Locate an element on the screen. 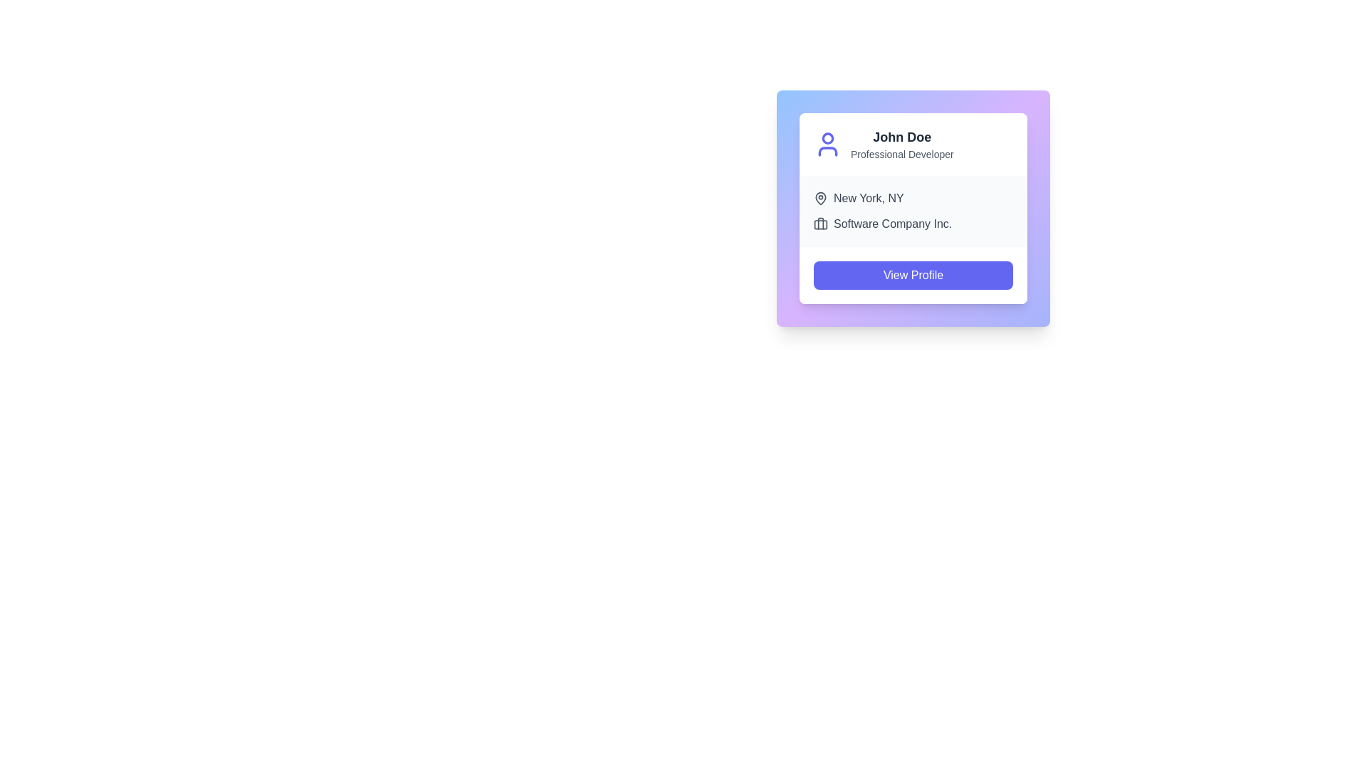 The height and width of the screenshot is (769, 1367). the SVG graphic circle element representing the user's profile avatar, located at the top left quadrant of the profile card is located at coordinates (827, 137).